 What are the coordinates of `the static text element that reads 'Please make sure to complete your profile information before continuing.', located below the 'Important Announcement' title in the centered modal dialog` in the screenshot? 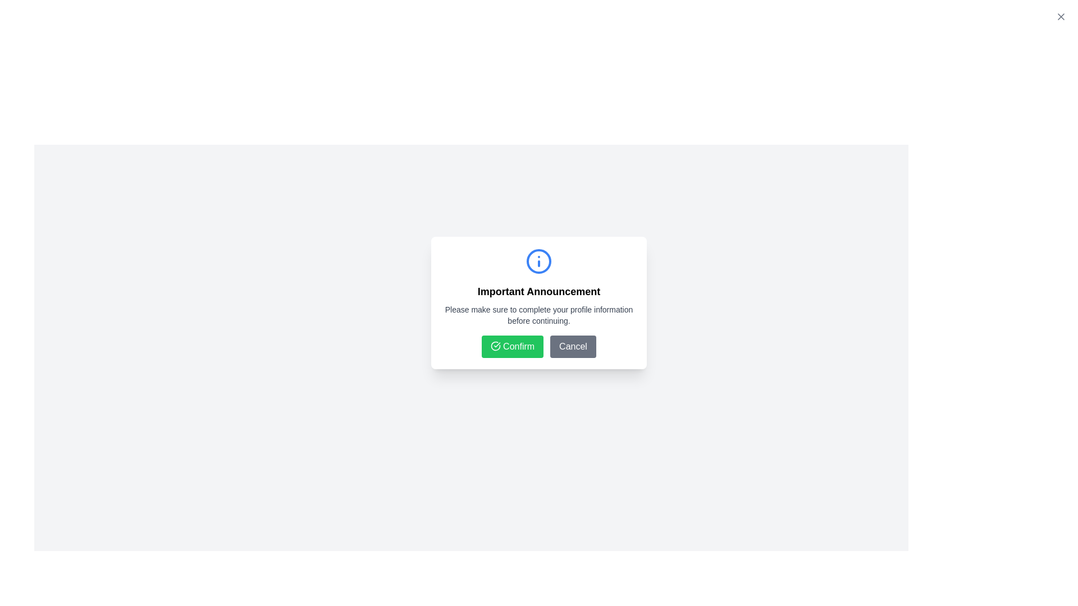 It's located at (539, 315).